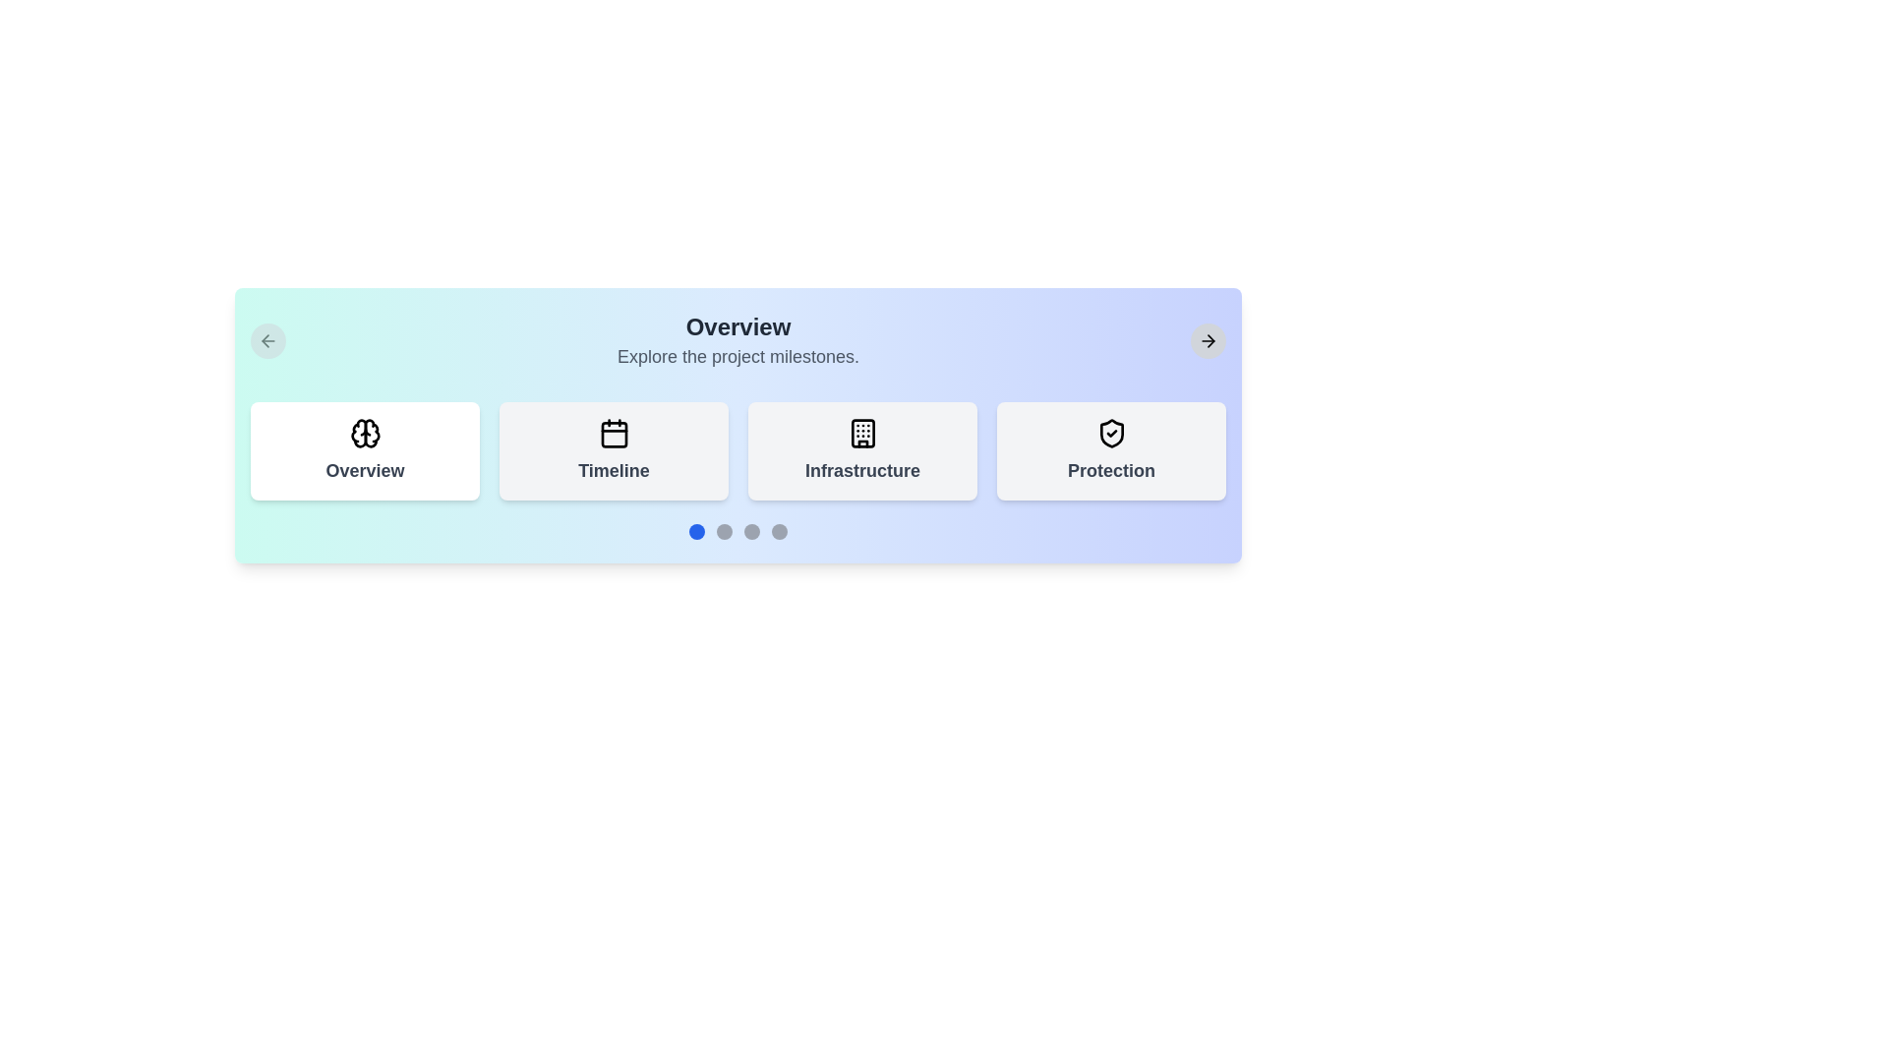 The width and height of the screenshot is (1888, 1062). Describe the element at coordinates (1111, 432) in the screenshot. I see `the shield-shaped icon in the 'Protection' section` at that location.